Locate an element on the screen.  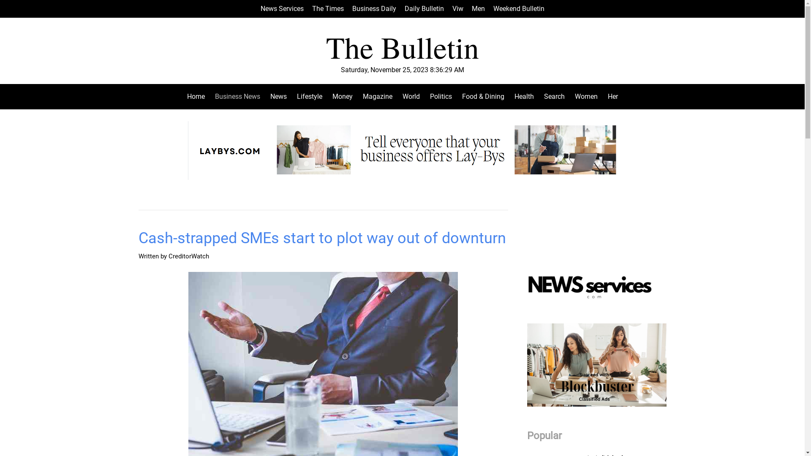
'Weekend Bulletin' is located at coordinates (518, 8).